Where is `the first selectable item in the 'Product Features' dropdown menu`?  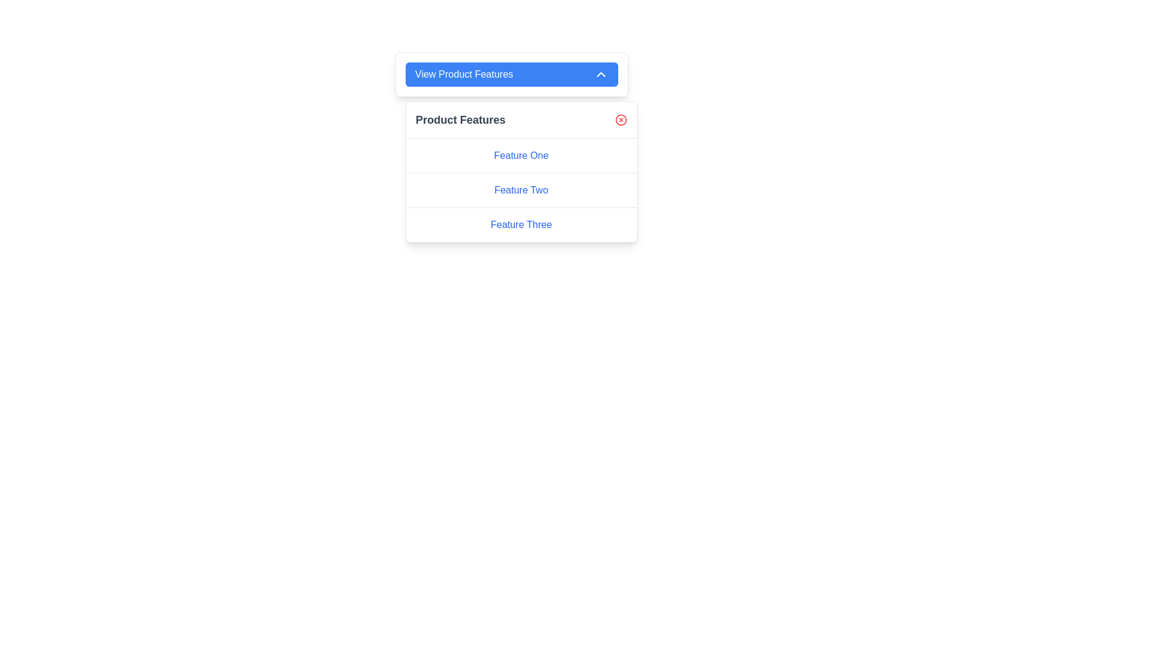 the first selectable item in the 'Product Features' dropdown menu is located at coordinates (521, 155).